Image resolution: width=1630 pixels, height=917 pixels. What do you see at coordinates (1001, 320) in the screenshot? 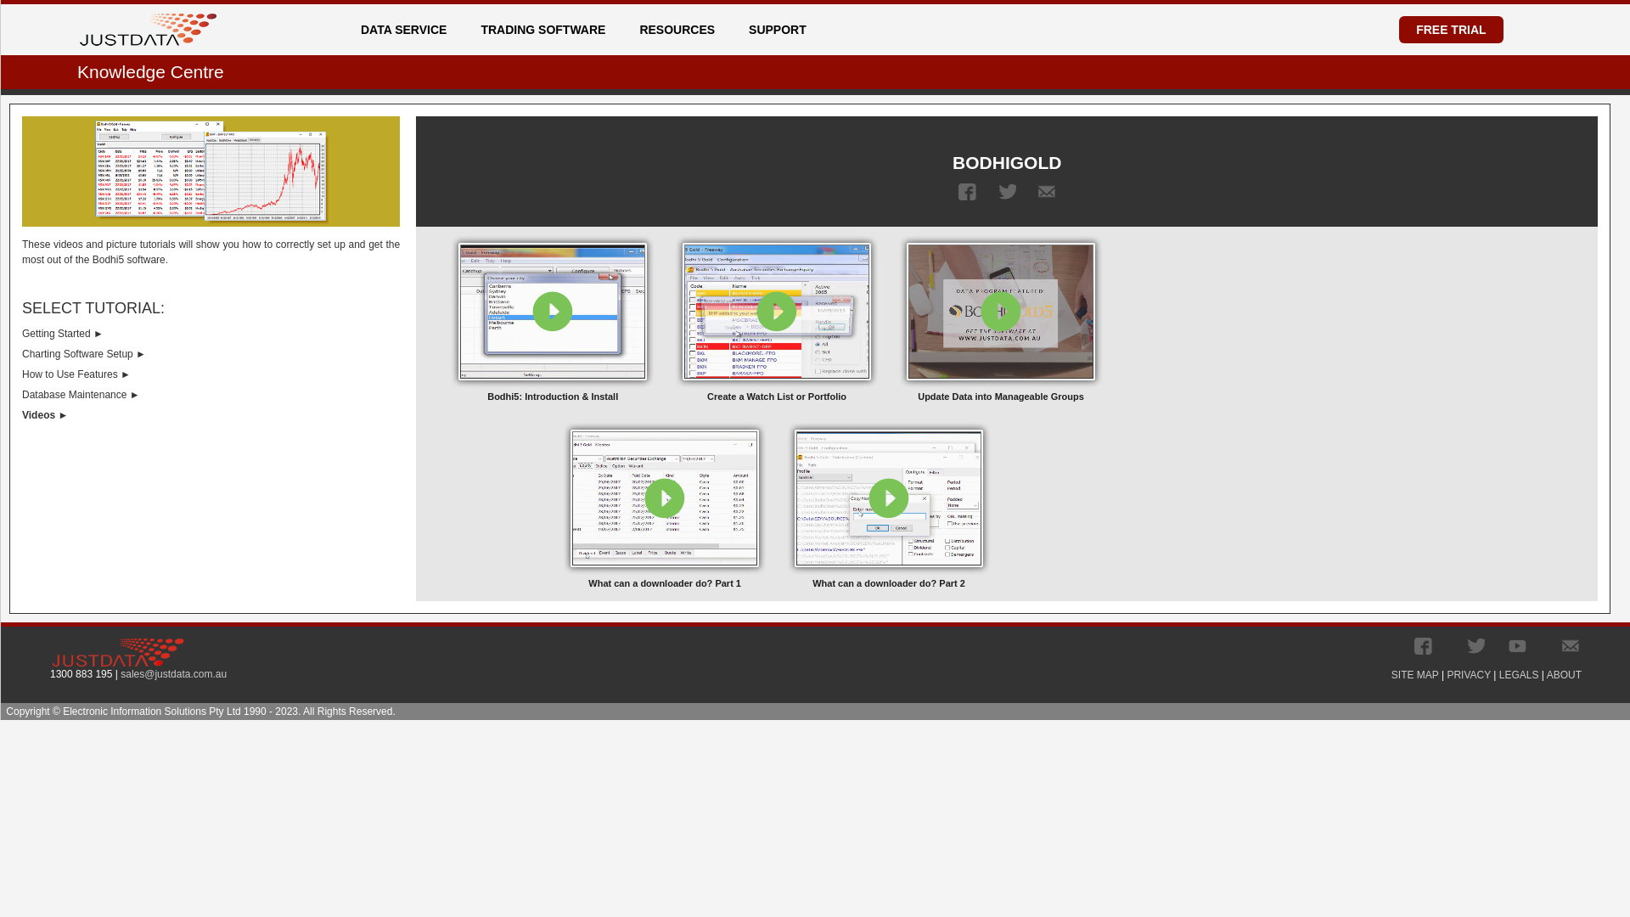
I see `'Update Data into Manageable Groups'` at bounding box center [1001, 320].